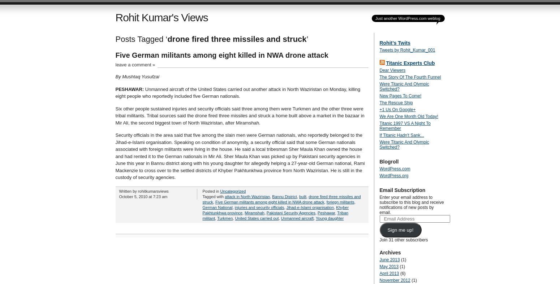  Describe the element at coordinates (310, 207) in the screenshot. I see `'Jihad-e-Islami organisation'` at that location.